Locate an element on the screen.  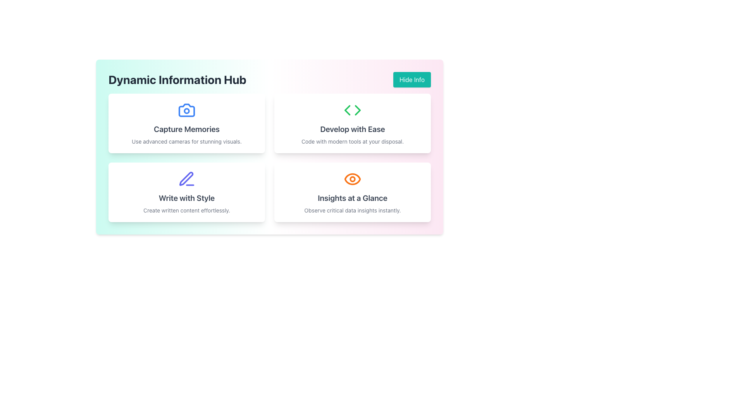
the static text label located at the bottom of the 'Write with Style' card, which provides additional descriptive information or a tagline is located at coordinates (186, 210).